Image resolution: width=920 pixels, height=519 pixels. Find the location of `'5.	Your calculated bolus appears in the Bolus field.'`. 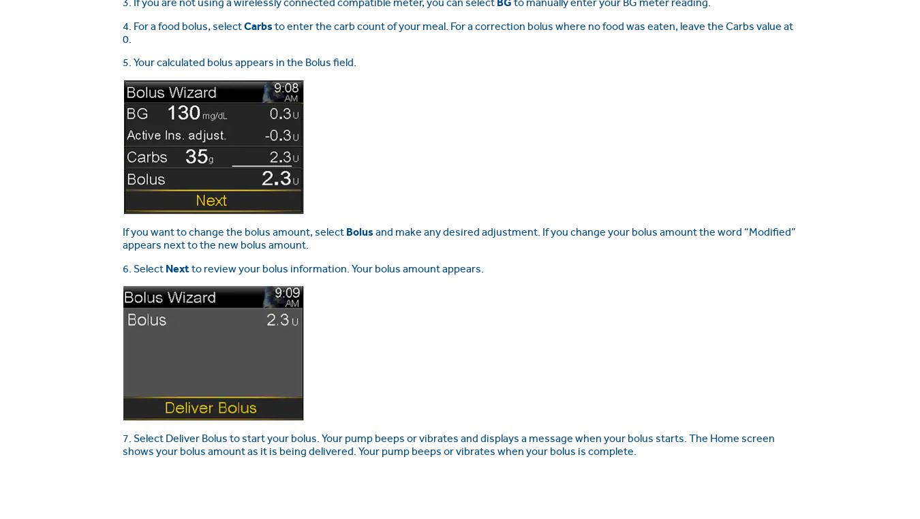

'5.	Your calculated bolus appears in the Bolus field.' is located at coordinates (239, 62).